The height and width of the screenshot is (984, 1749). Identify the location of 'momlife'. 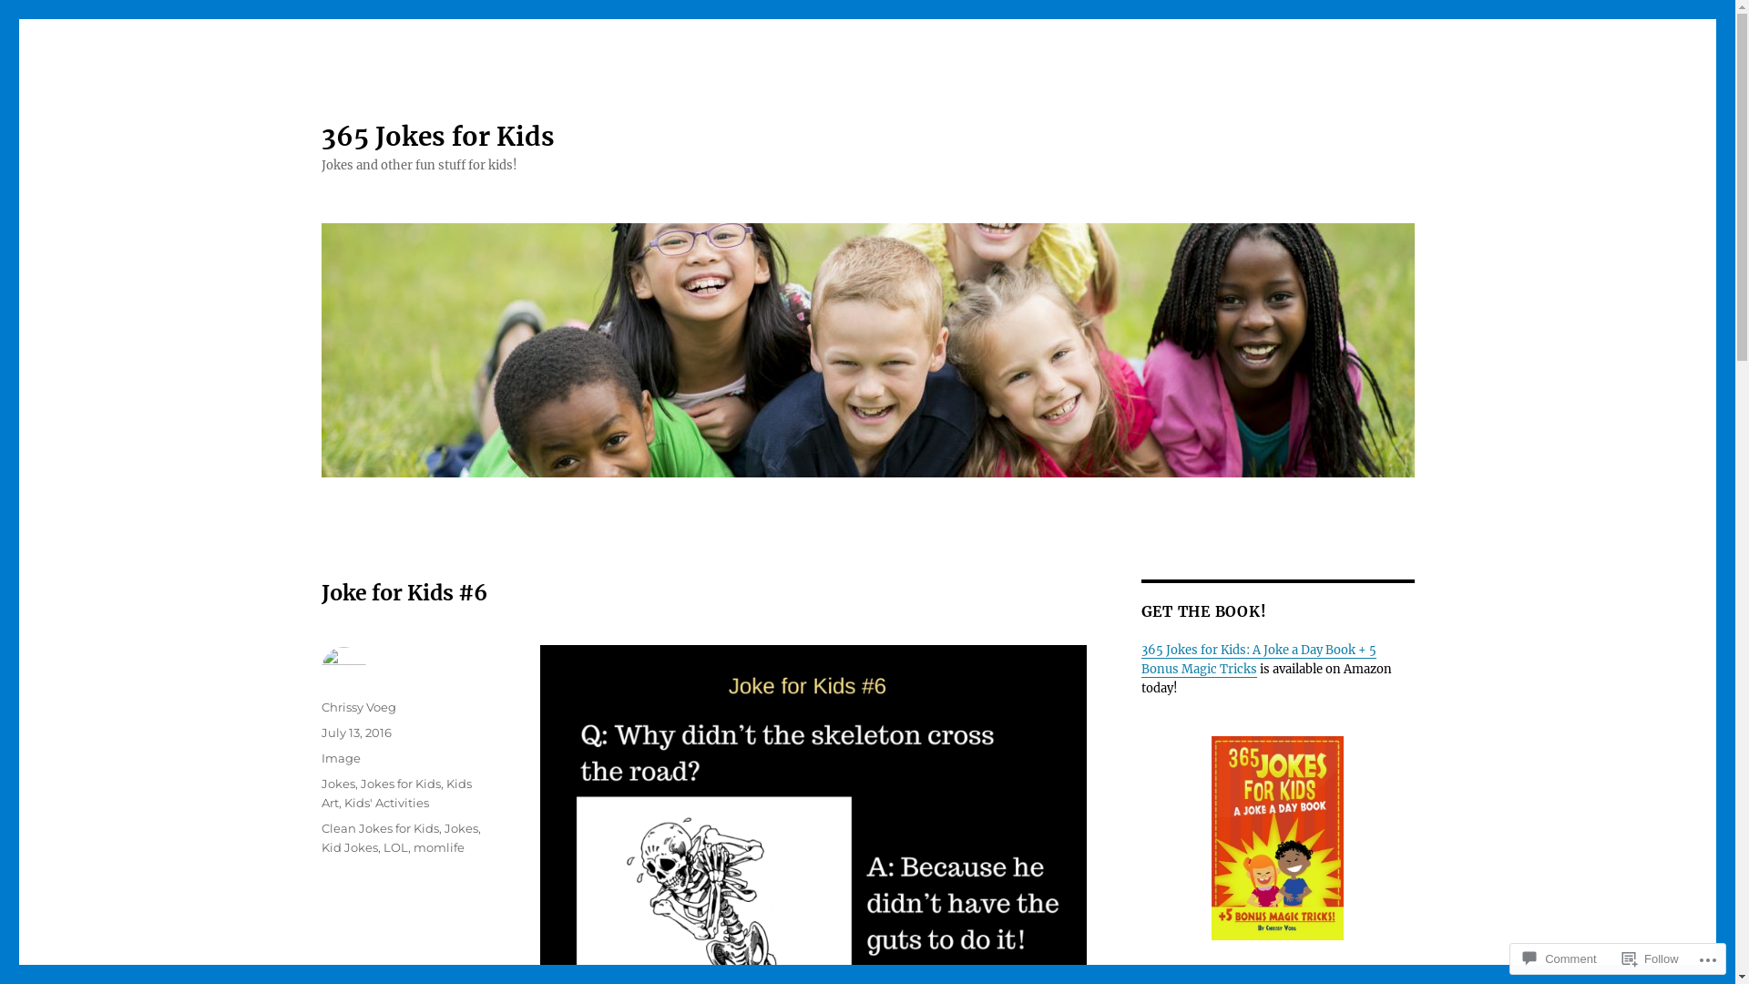
(413, 846).